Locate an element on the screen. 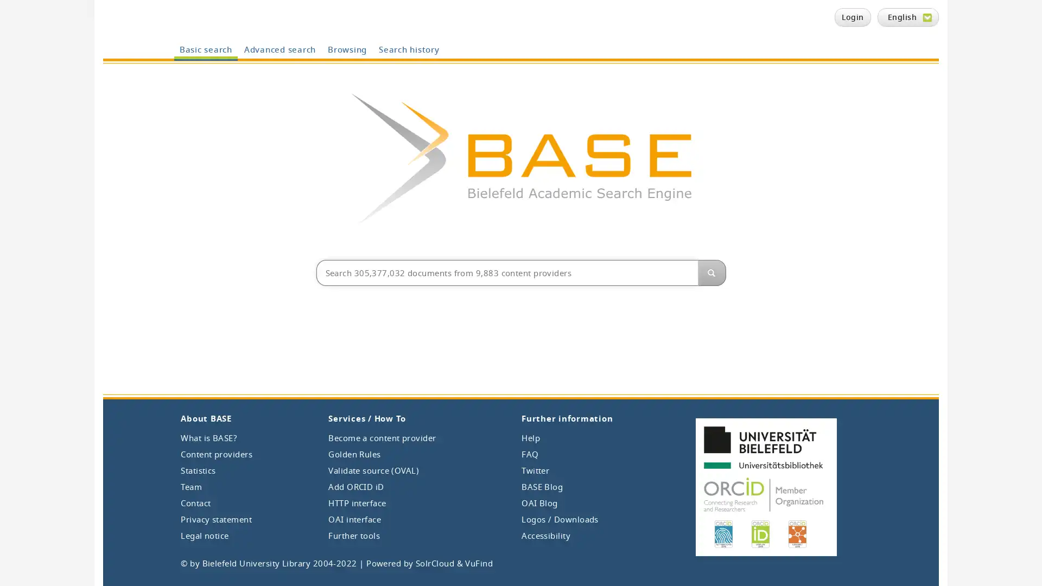  Language Selection: English is located at coordinates (908, 17).